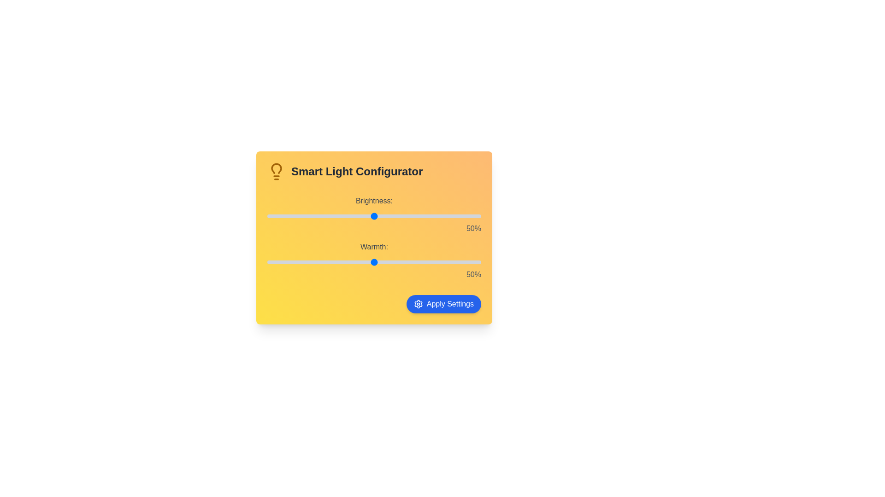 This screenshot has height=497, width=885. What do you see at coordinates (443, 304) in the screenshot?
I see `the 'Apply Settings' button with a blue background and white text, featuring a settings gear icon, located in the lower-right corner of the 'Smart Light Configurator' panel to apply the settings` at bounding box center [443, 304].